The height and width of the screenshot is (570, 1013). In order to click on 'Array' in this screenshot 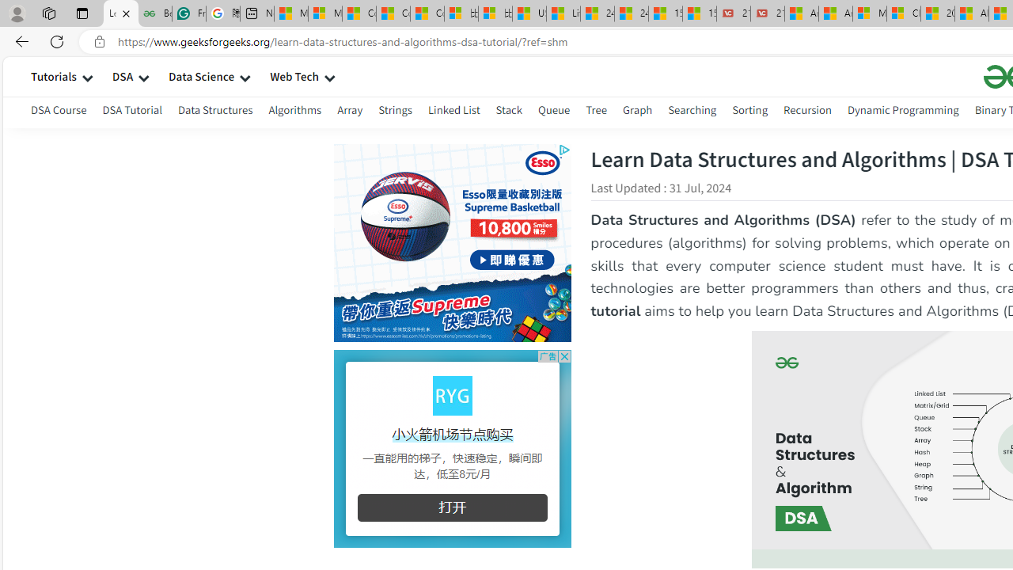, I will do `click(349, 112)`.